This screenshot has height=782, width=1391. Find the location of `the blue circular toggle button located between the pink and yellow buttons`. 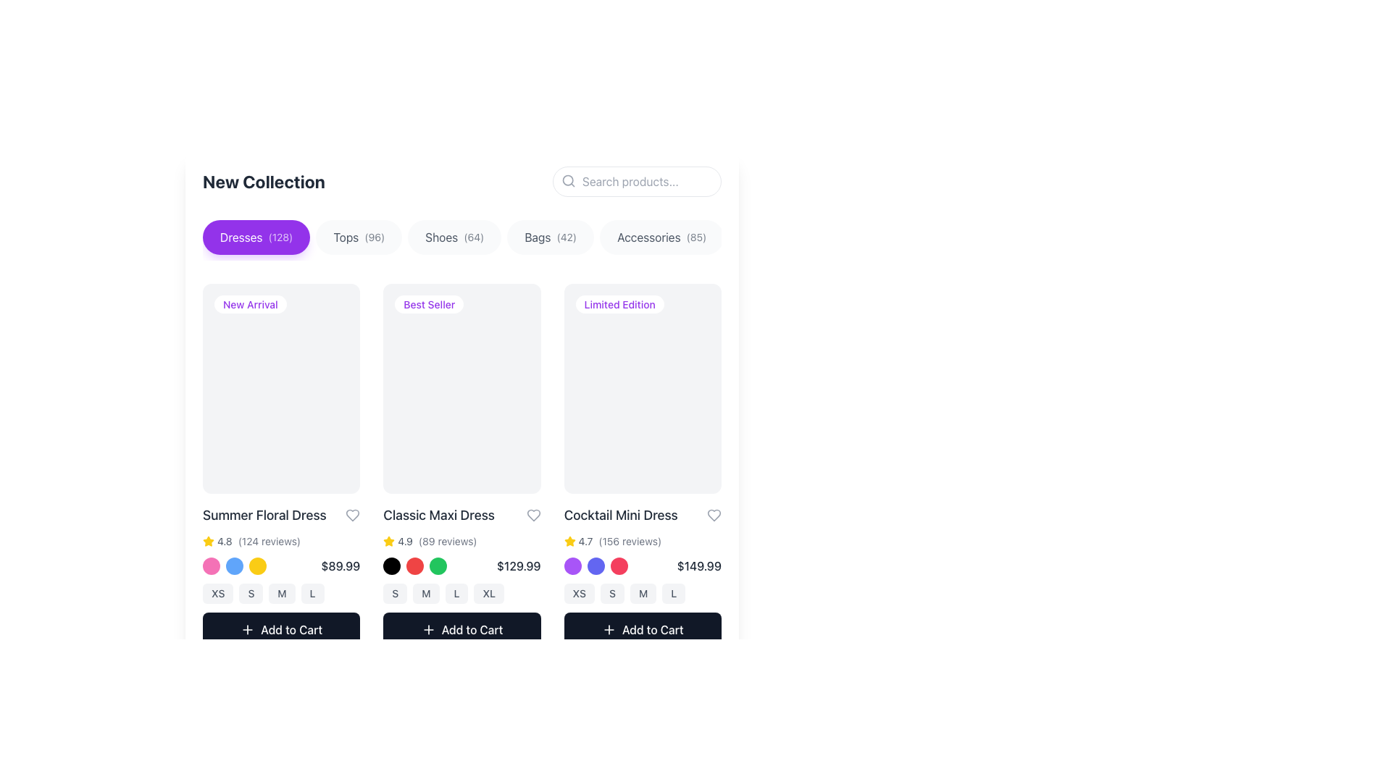

the blue circular toggle button located between the pink and yellow buttons is located at coordinates (235, 564).